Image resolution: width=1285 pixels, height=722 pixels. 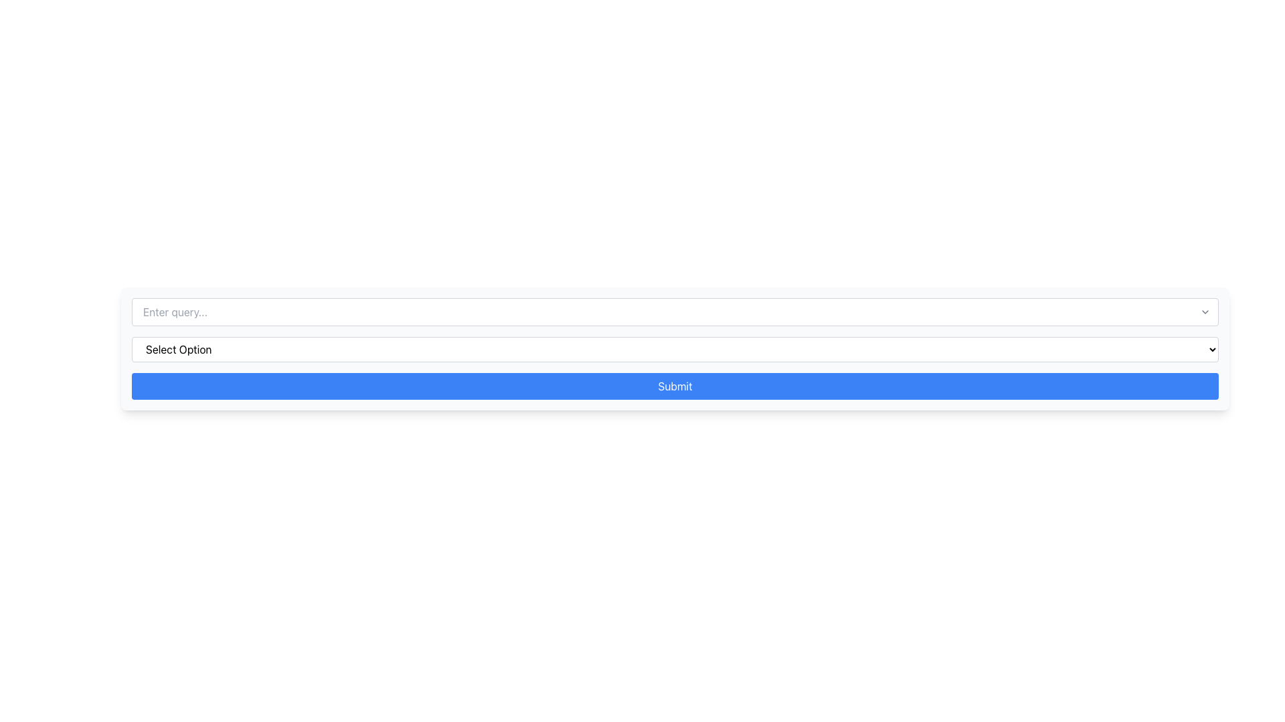 I want to click on the small chevron-down icon located at the far-right end of the dropdown menu field, so click(x=1205, y=312).